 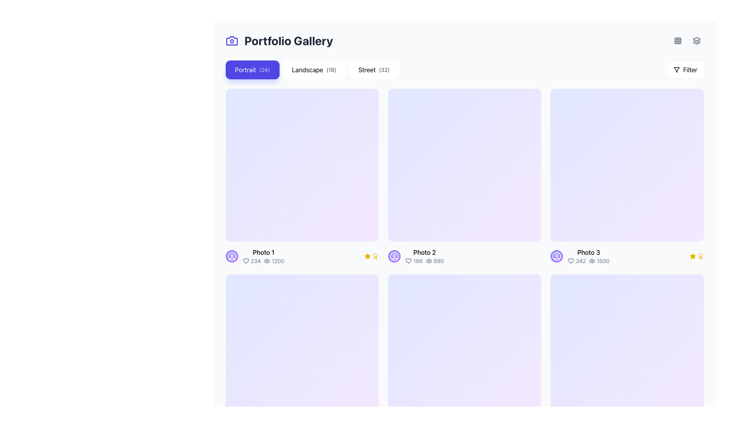 What do you see at coordinates (677, 41) in the screenshot?
I see `the toggle display button located in the top-right corner of the interface` at bounding box center [677, 41].